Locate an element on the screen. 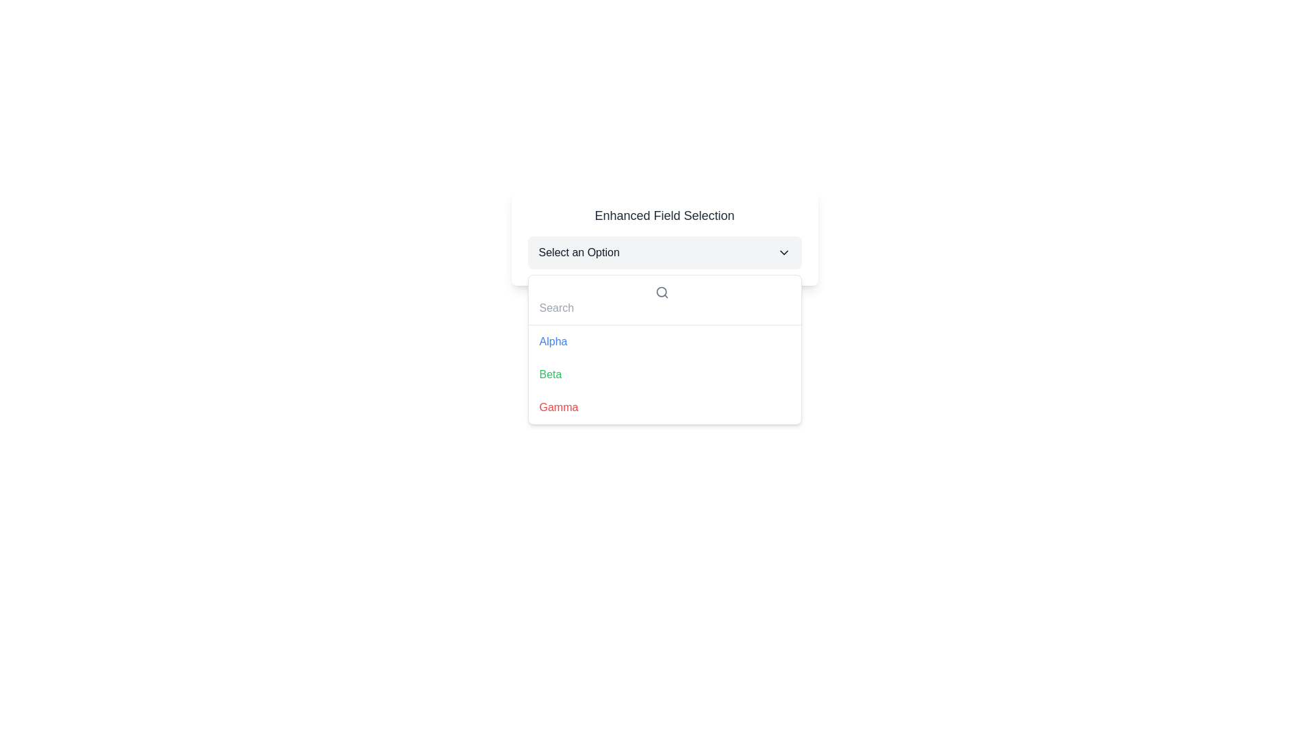 The width and height of the screenshot is (1315, 740). the dropdown menu option labeled 'Beta', which is styled in green and is the second option between 'Alpha' and 'Gamma' is located at coordinates (550, 375).